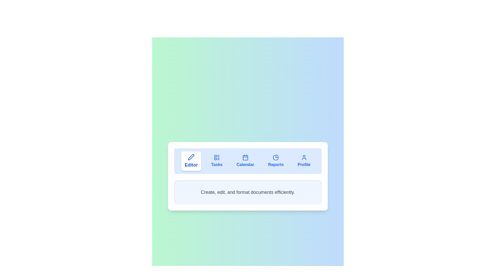 Image resolution: width=494 pixels, height=278 pixels. I want to click on the Editor tab to observe its visual transition, so click(191, 161).